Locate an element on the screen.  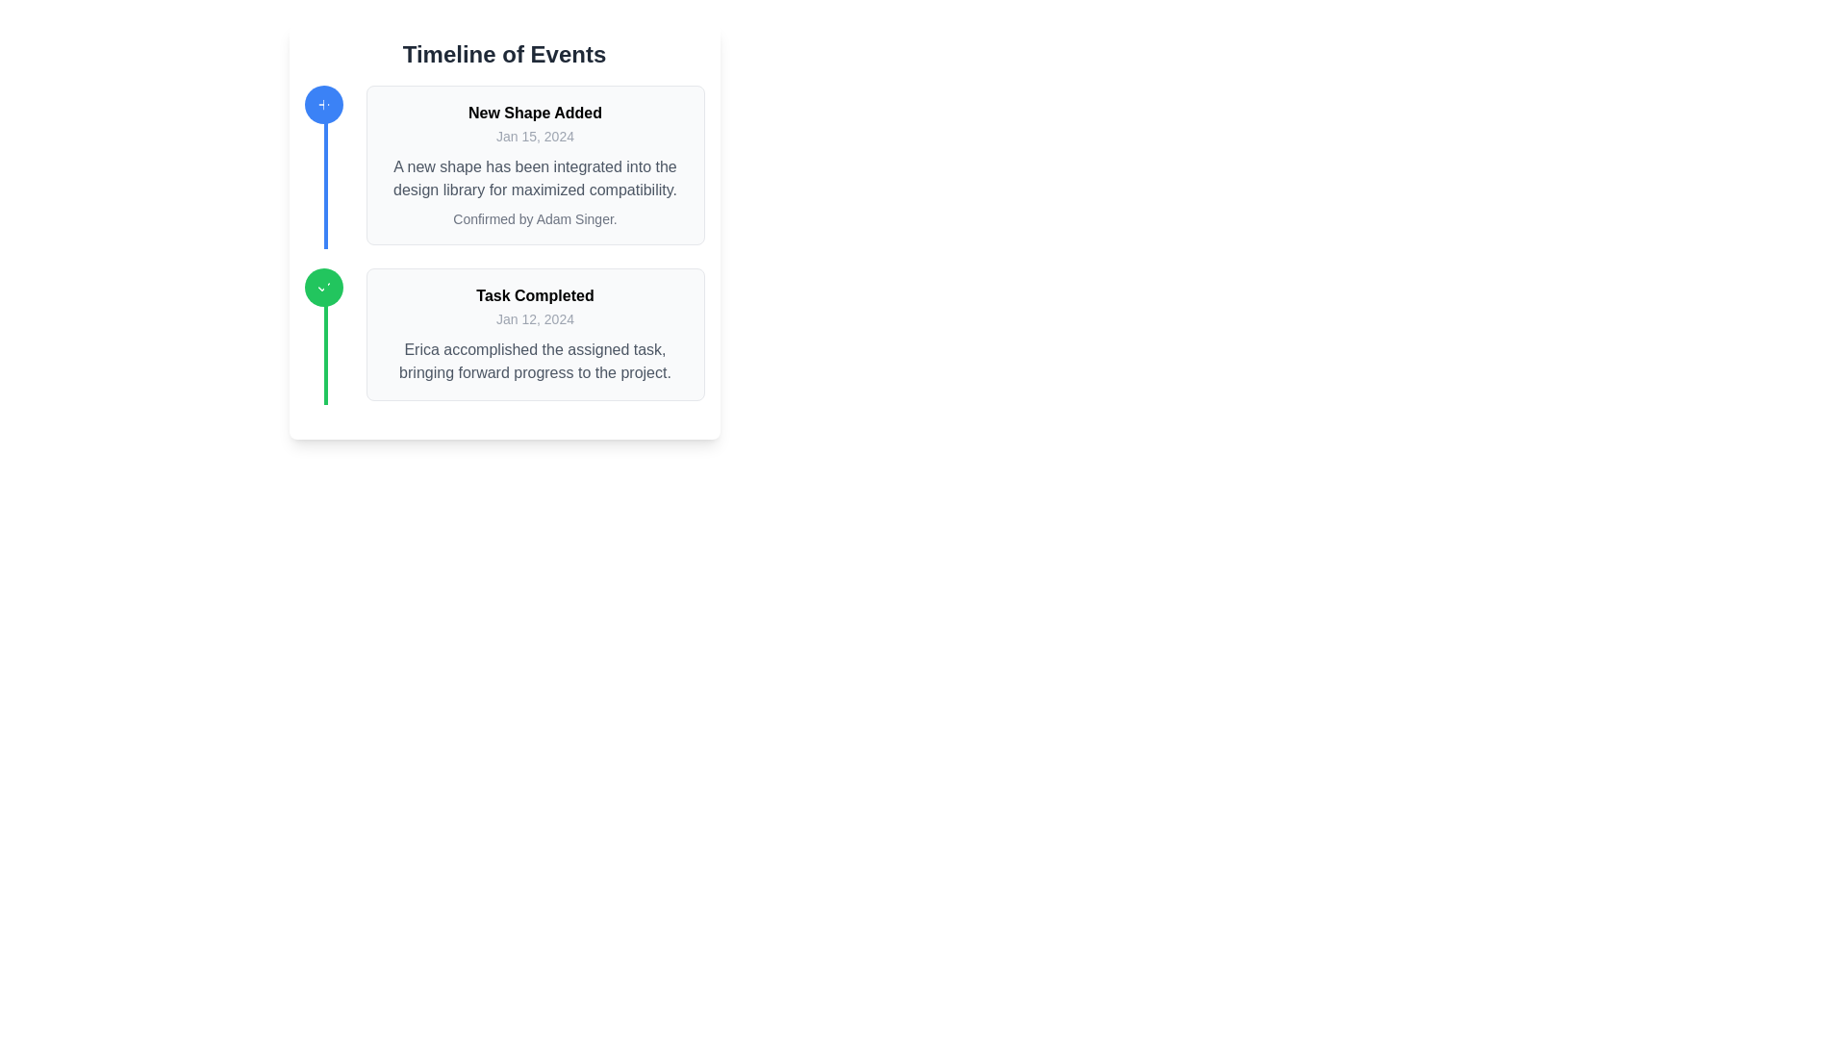
the Decorative line that serves as a visual connector in the timeline section, positioned below the header and aligned with the timeline icon and event content is located at coordinates (325, 168).